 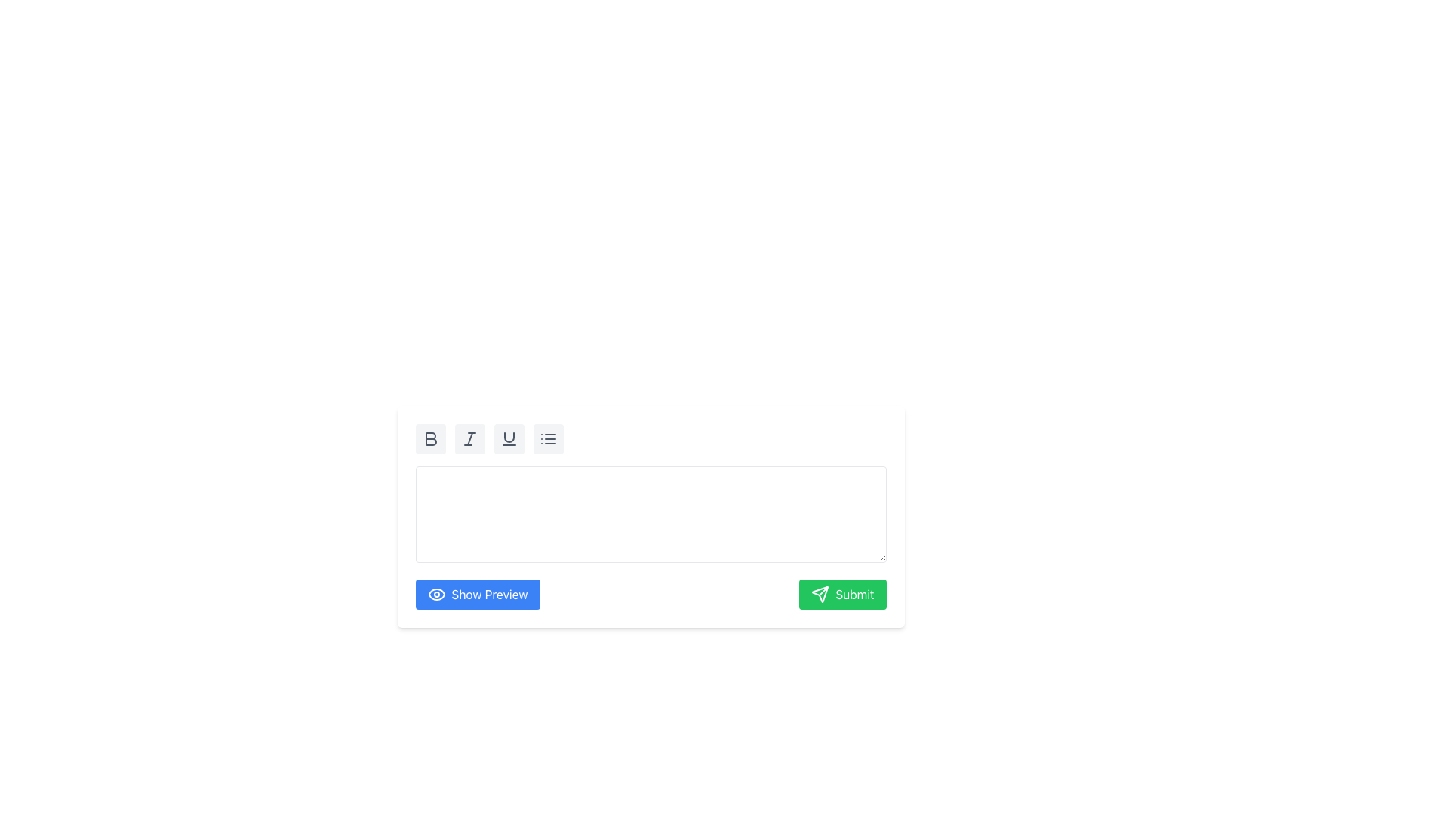 I want to click on the preview button located at the bottom center of the interface, to the left of the green 'Submit' button, so click(x=477, y=593).